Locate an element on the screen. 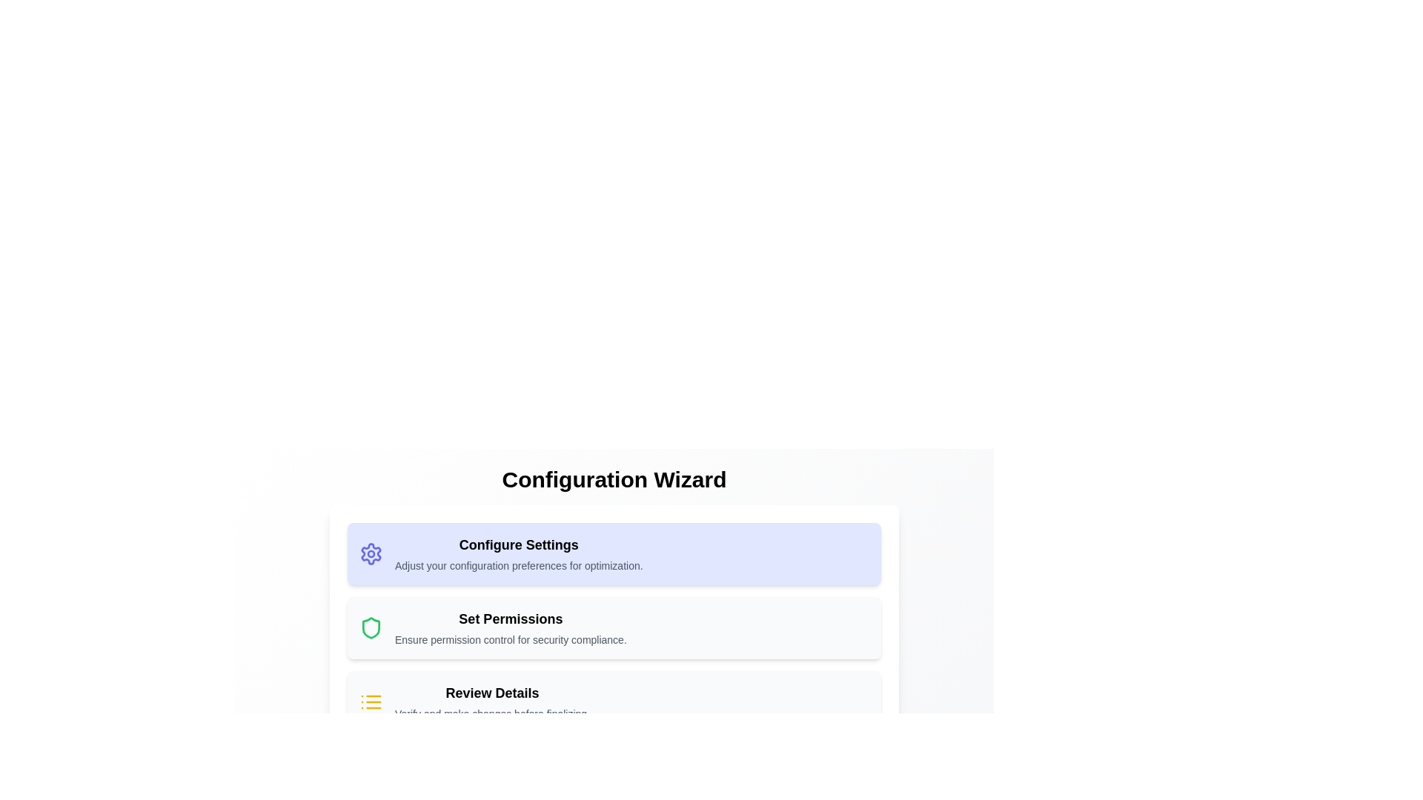 The height and width of the screenshot is (800, 1423). the green shield icon located in the second row of the main menu options, next to the 'Set Permissions' label for contextual understanding is located at coordinates (371, 628).